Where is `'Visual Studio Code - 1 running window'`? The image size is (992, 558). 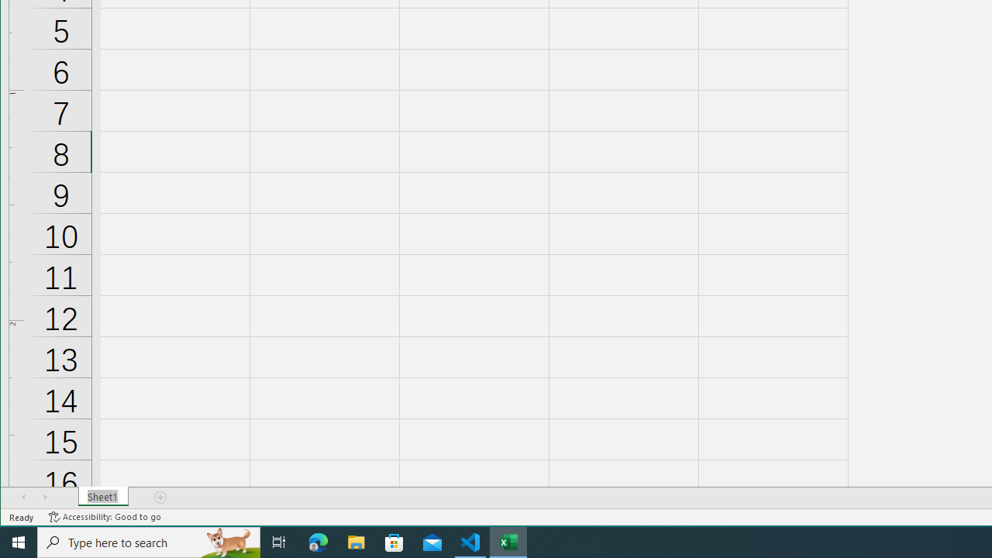 'Visual Studio Code - 1 running window' is located at coordinates (470, 541).